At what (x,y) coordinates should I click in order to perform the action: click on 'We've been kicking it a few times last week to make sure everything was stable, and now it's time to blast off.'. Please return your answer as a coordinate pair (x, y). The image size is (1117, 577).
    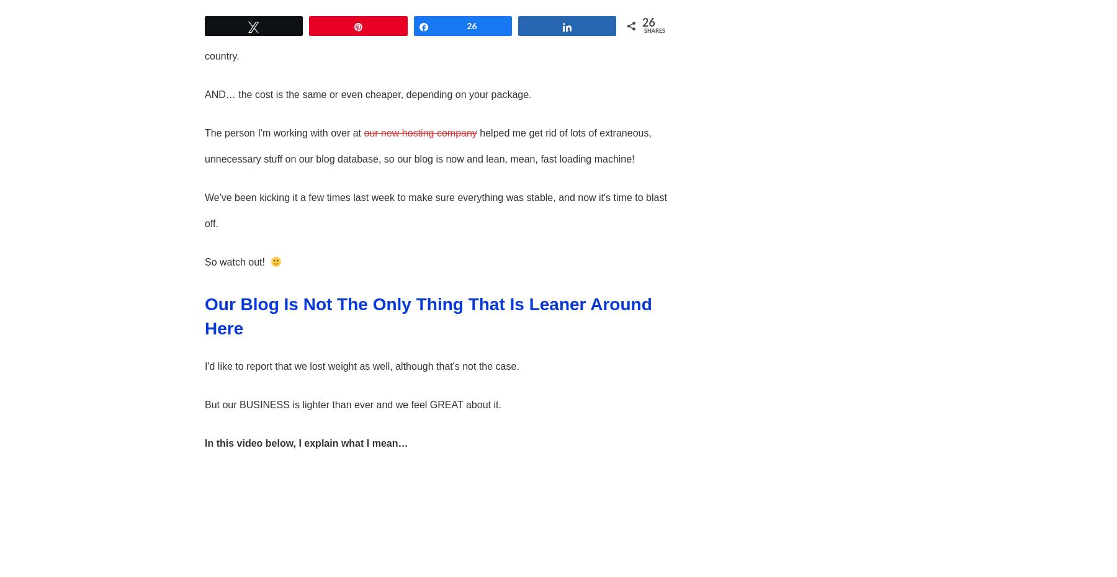
    Looking at the image, I should click on (435, 210).